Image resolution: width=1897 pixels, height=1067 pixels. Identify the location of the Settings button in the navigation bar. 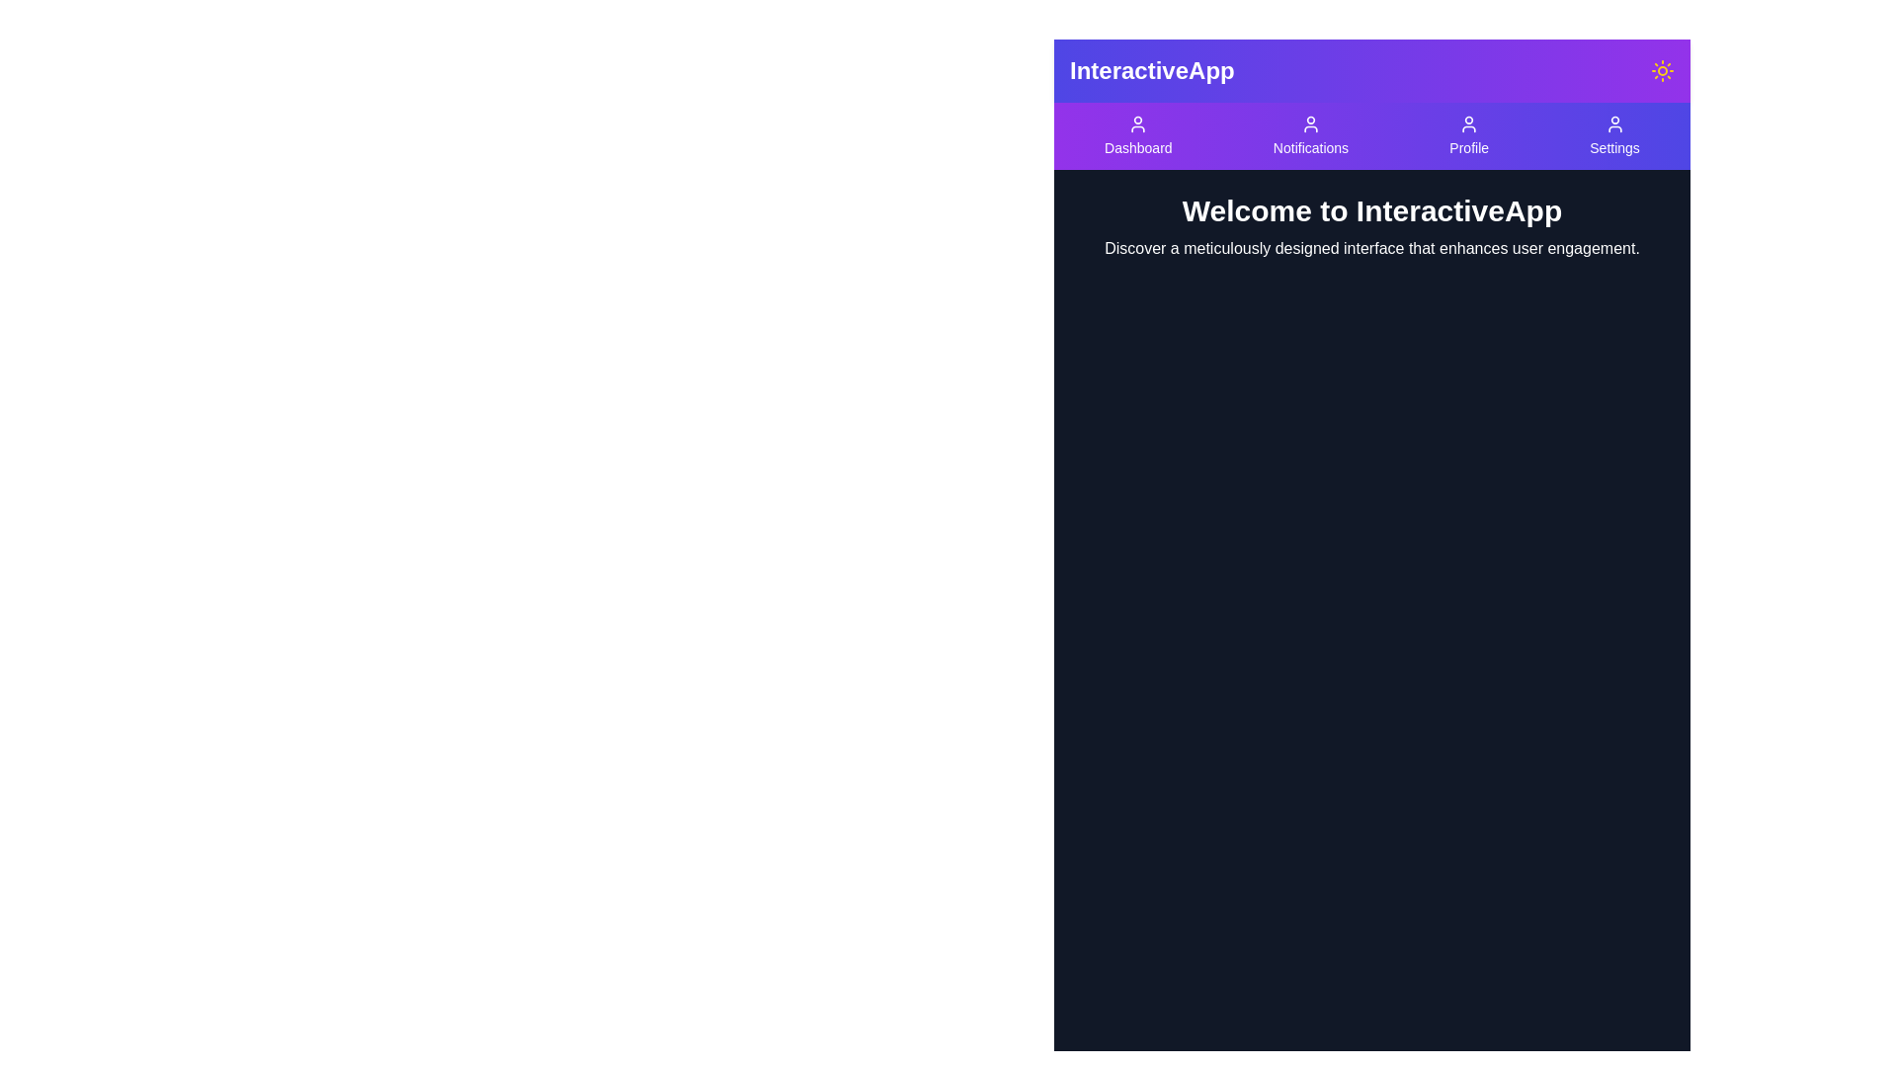
(1614, 135).